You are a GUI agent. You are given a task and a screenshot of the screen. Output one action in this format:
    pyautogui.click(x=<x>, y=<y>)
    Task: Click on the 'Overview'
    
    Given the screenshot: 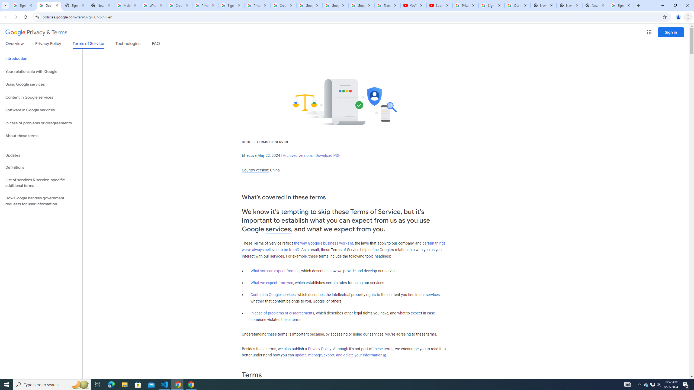 What is the action you would take?
    pyautogui.click(x=14, y=44)
    